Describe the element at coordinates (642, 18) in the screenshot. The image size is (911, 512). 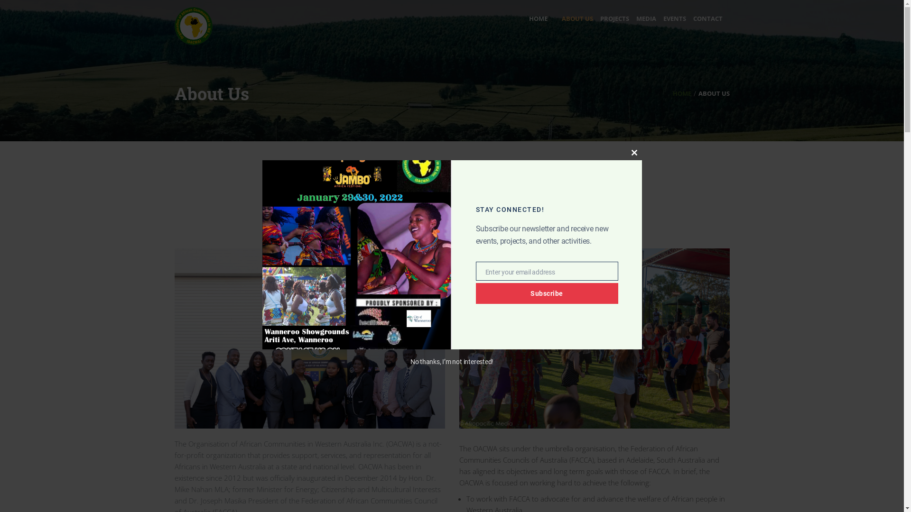
I see `'MEDIA'` at that location.